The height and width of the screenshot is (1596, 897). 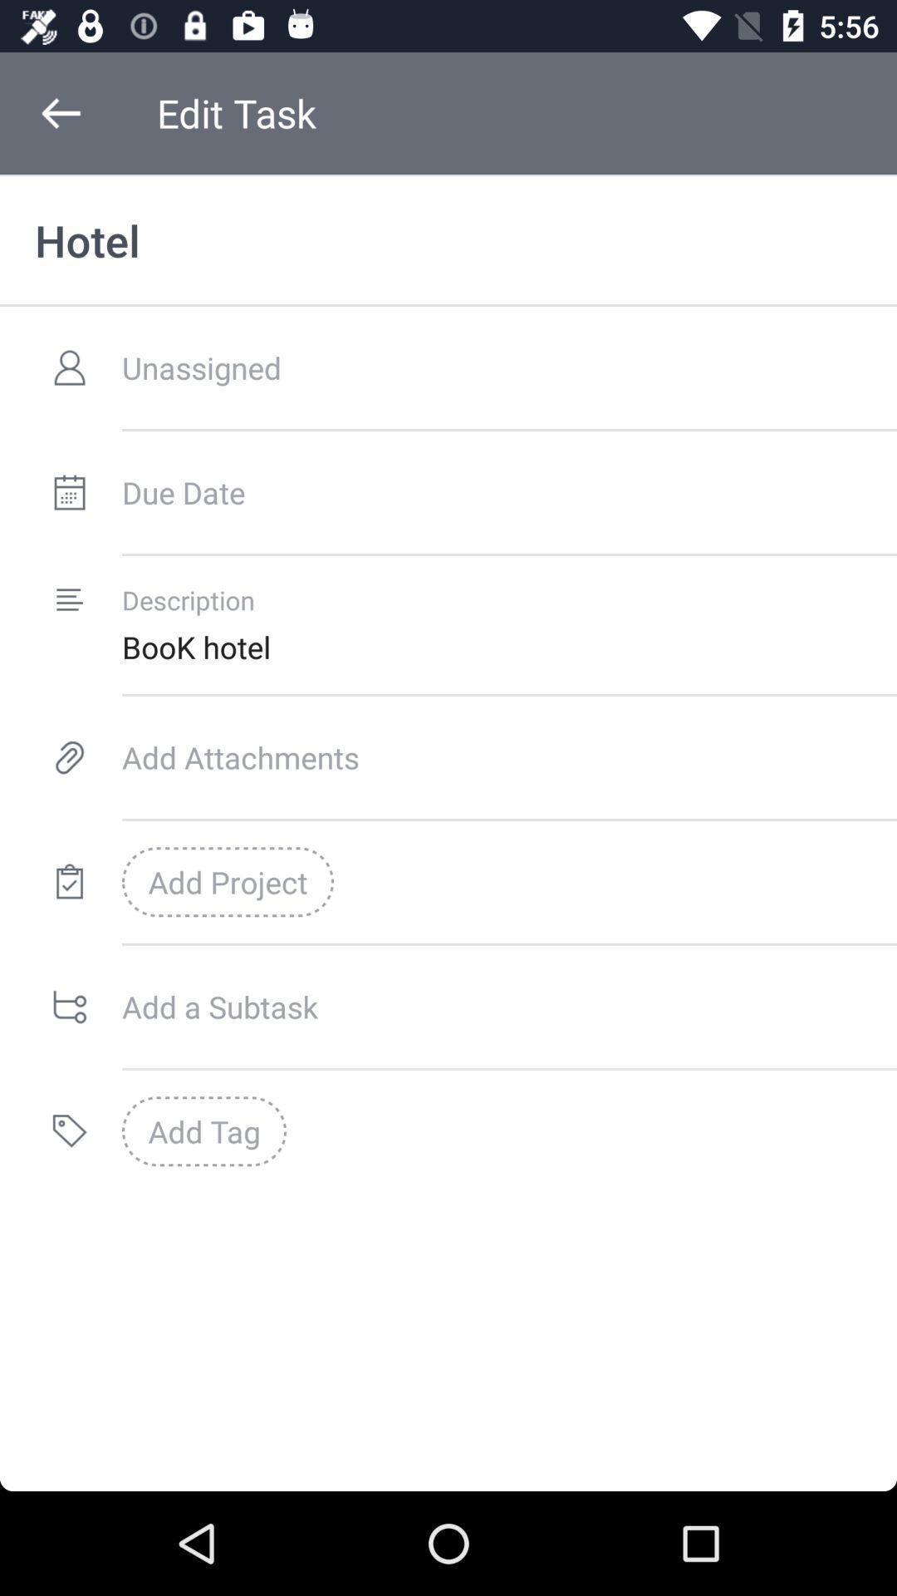 What do you see at coordinates (508, 1006) in the screenshot?
I see `the item below the add project item` at bounding box center [508, 1006].